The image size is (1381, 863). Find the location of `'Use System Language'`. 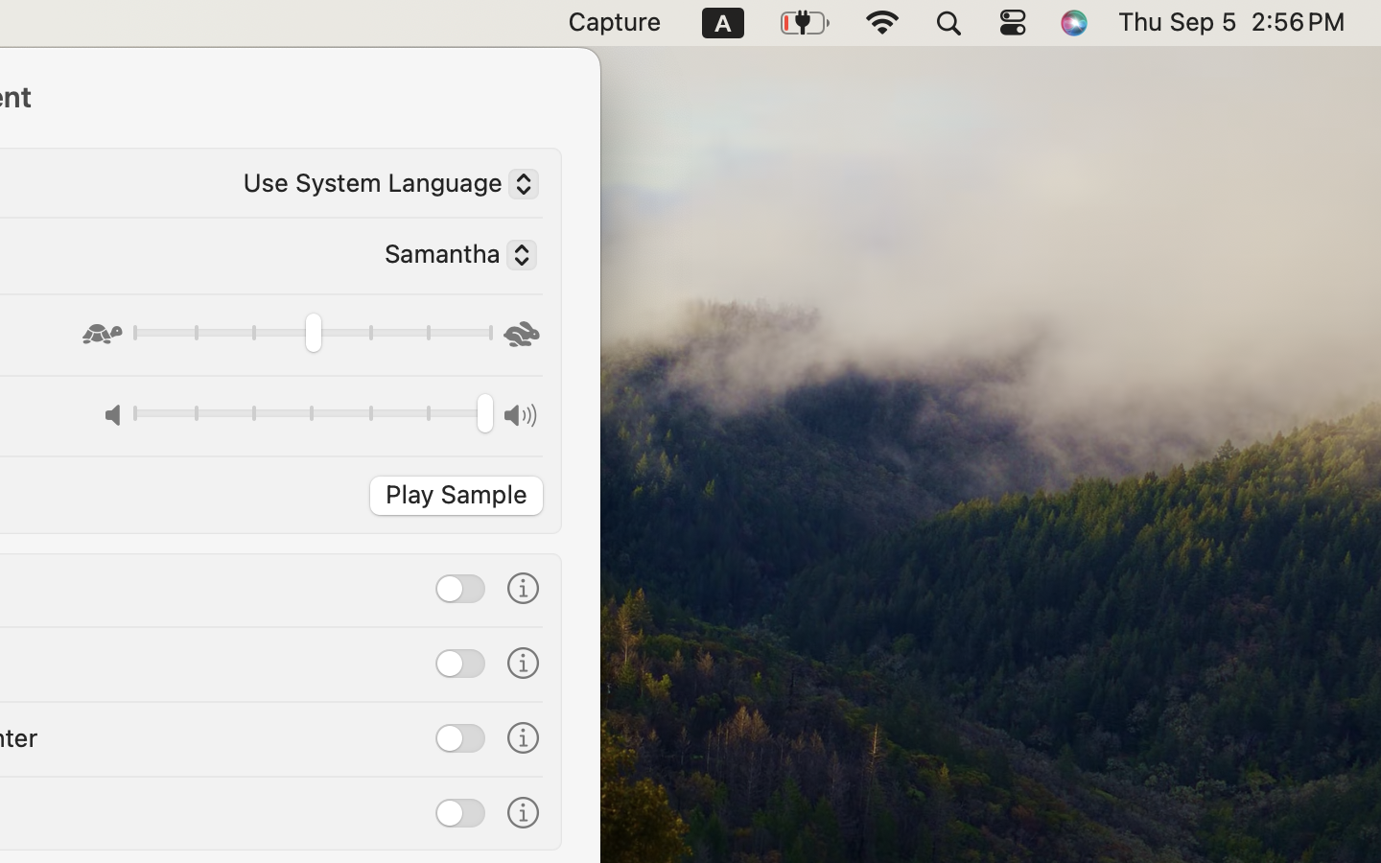

'Use System Language' is located at coordinates (382, 187).